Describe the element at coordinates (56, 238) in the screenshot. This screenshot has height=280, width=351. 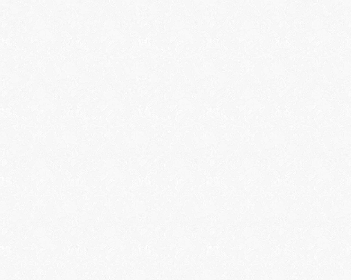
I see `'Tattoo In Japan'` at that location.